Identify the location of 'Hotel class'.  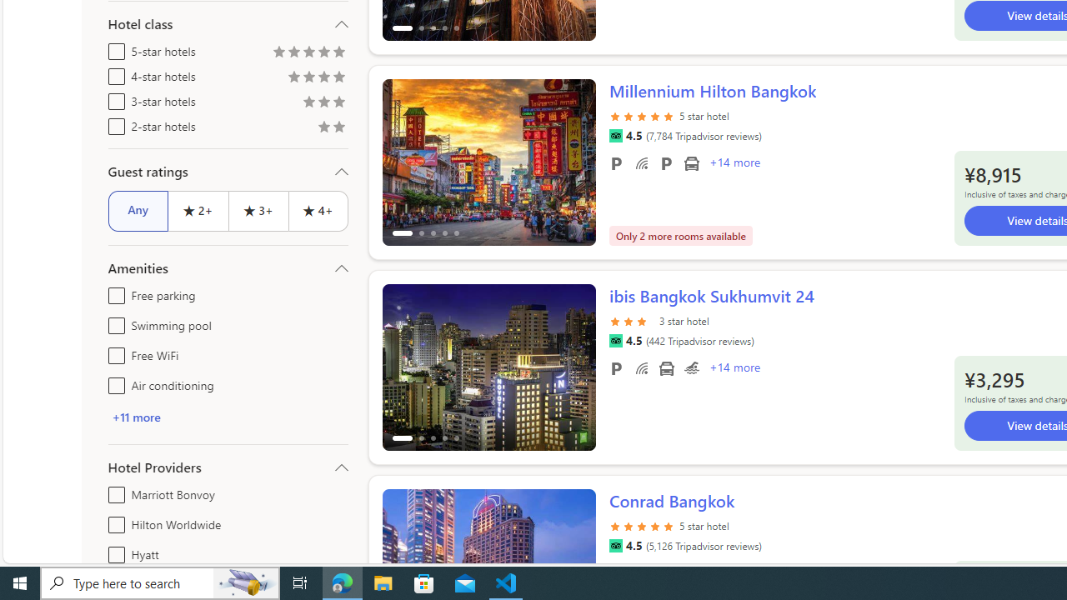
(227, 24).